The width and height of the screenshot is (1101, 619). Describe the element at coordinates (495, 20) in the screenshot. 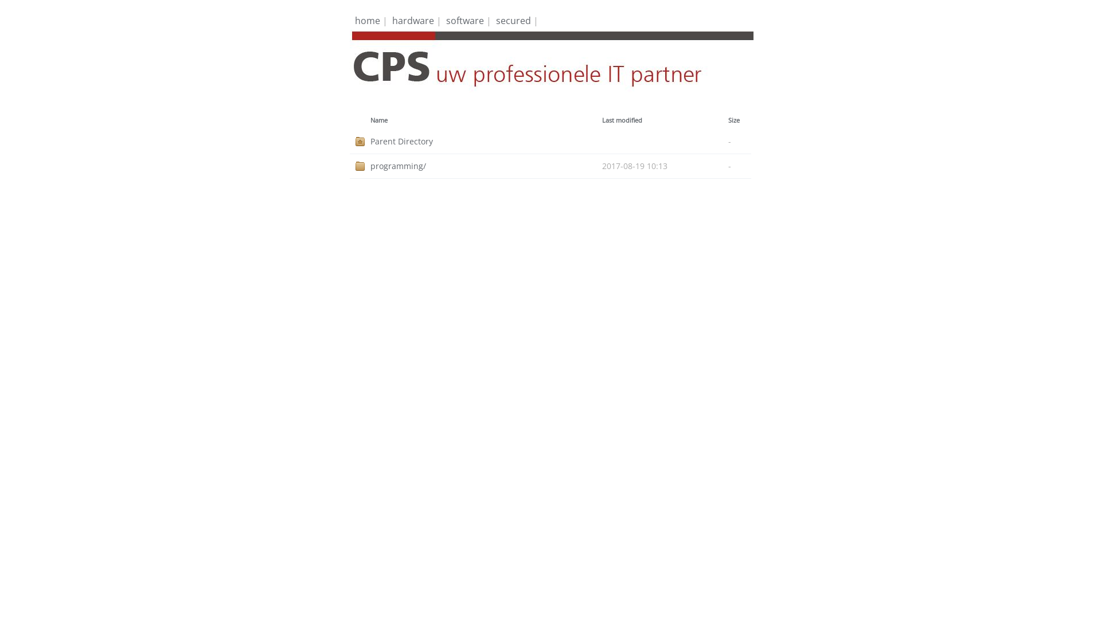

I see `'secured'` at that location.